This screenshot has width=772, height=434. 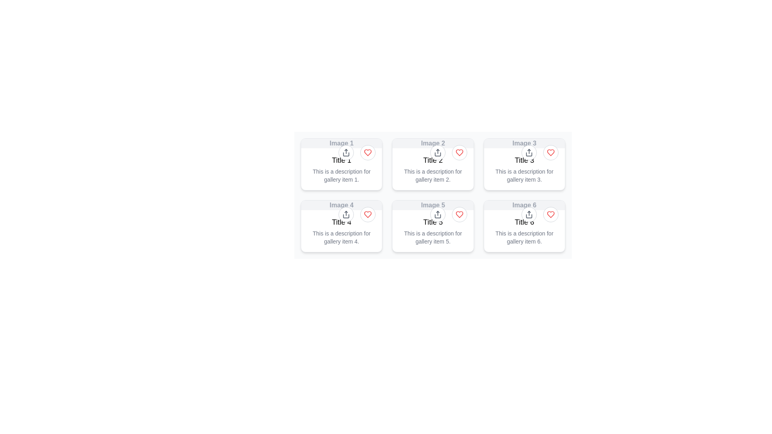 I want to click on the 'like' button located in the top-right corner of the first gallery item titled 'Image 1', so click(x=368, y=153).